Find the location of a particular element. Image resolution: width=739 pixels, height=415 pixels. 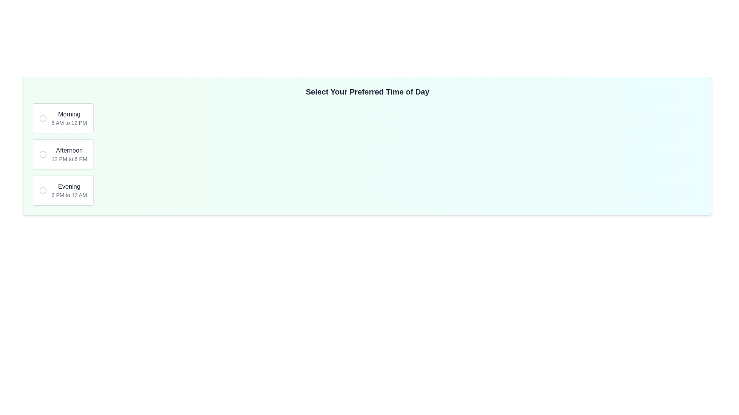

the circular outline of the radio button for the 'Afternoon' option is located at coordinates (42, 154).